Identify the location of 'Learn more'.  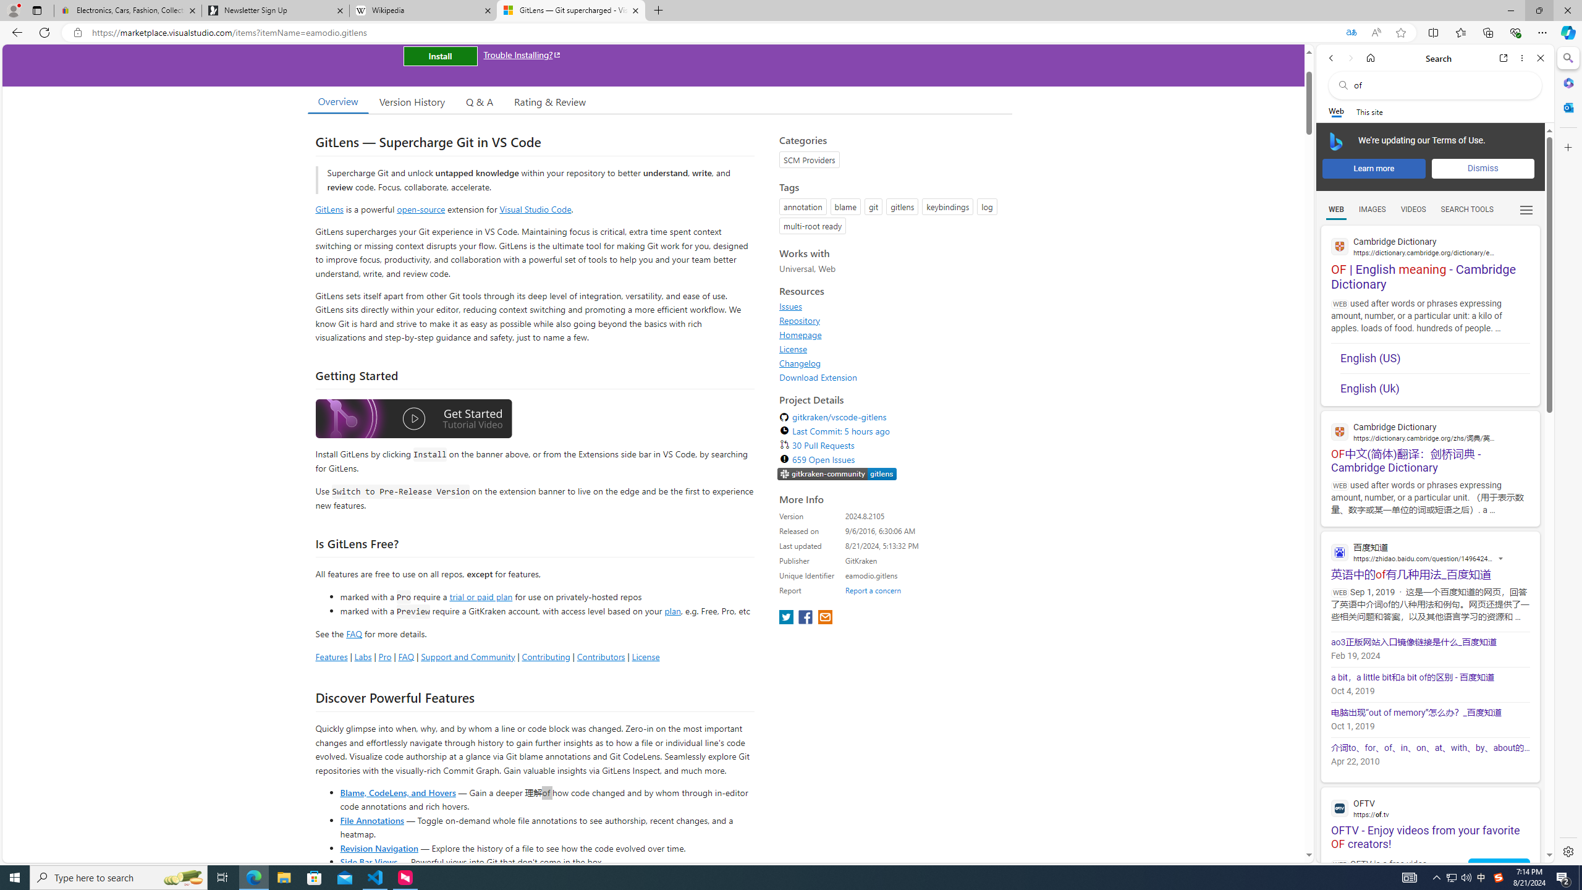
(1373, 167).